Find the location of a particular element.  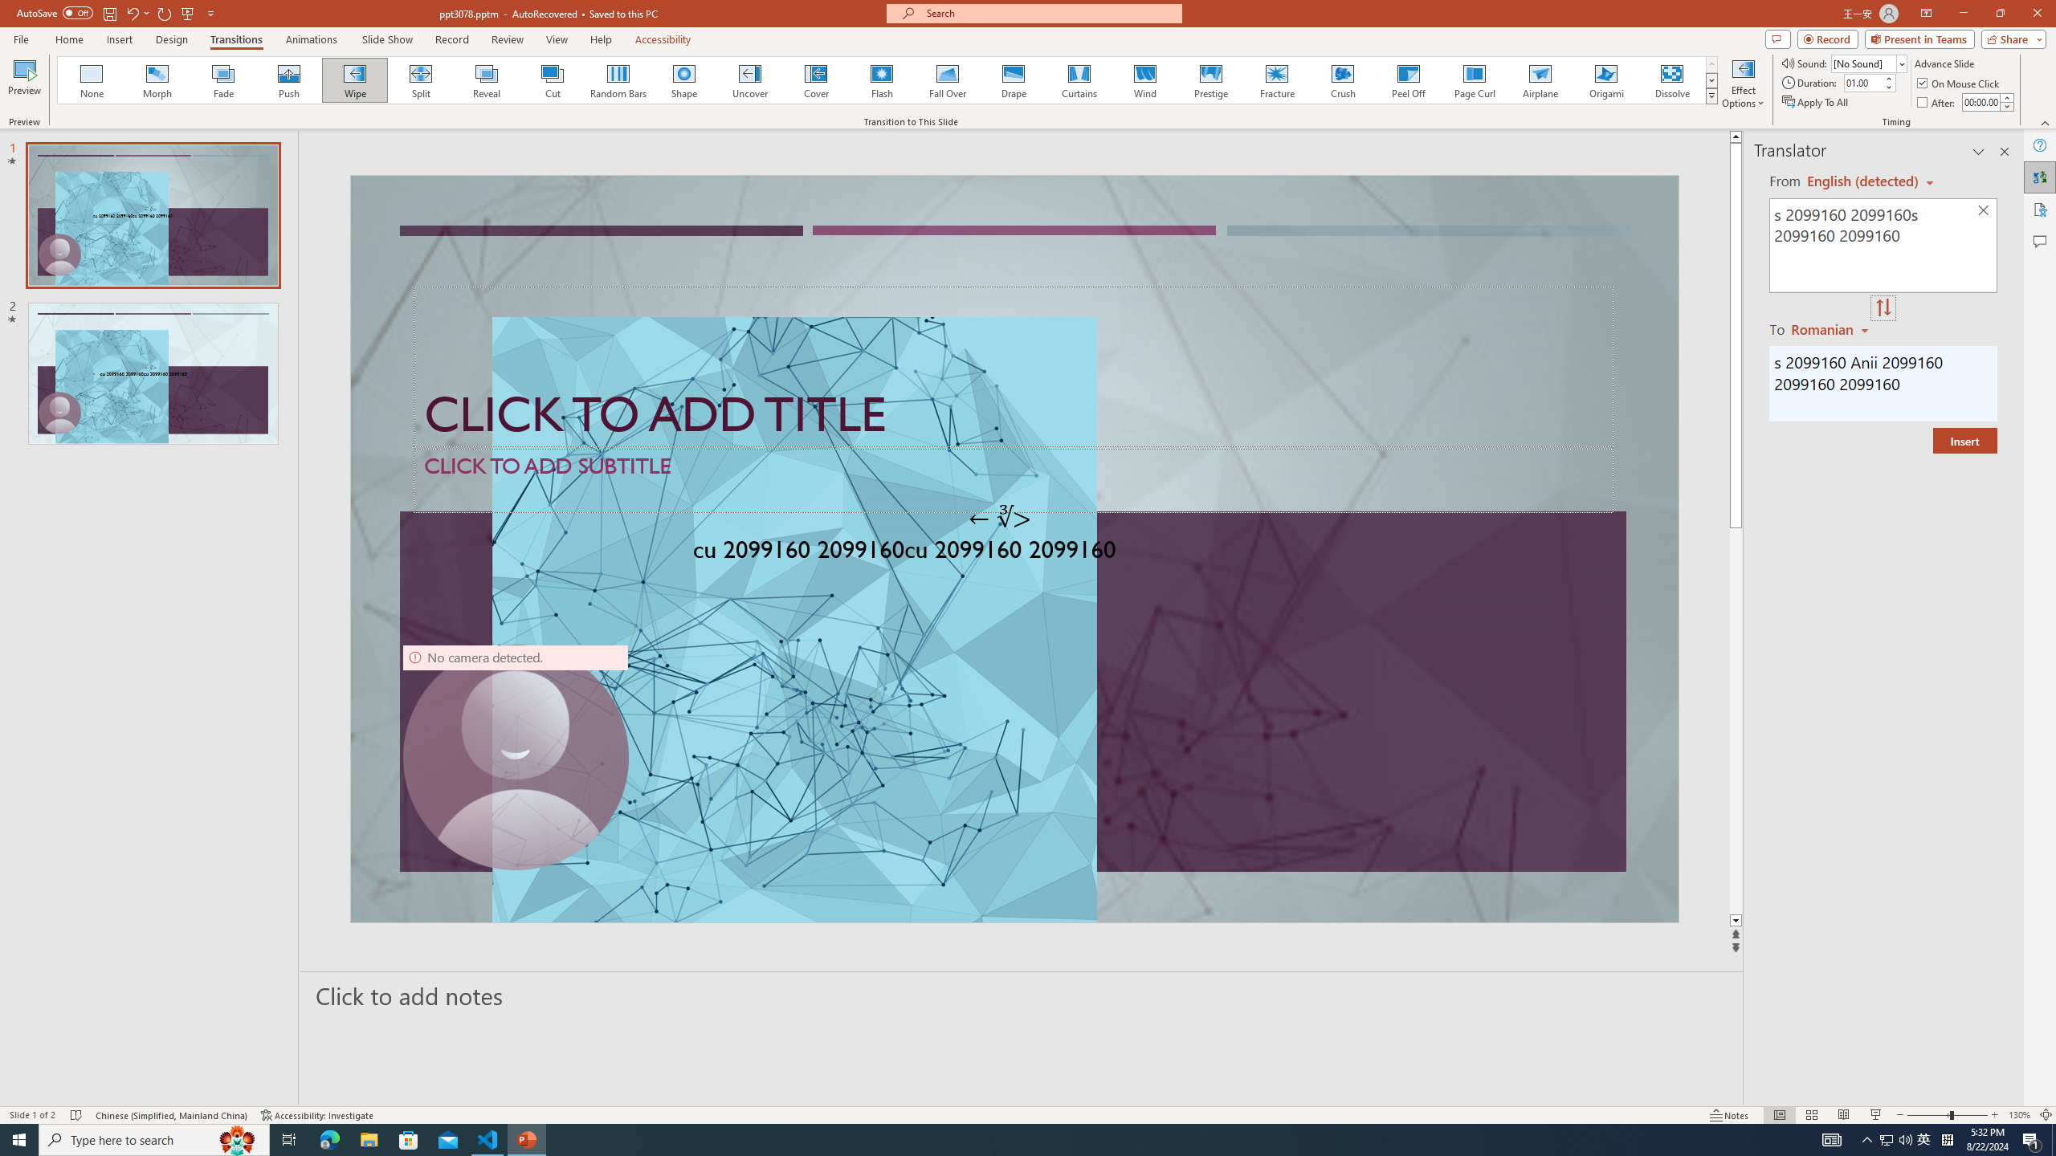

'Uncover' is located at coordinates (749, 79).